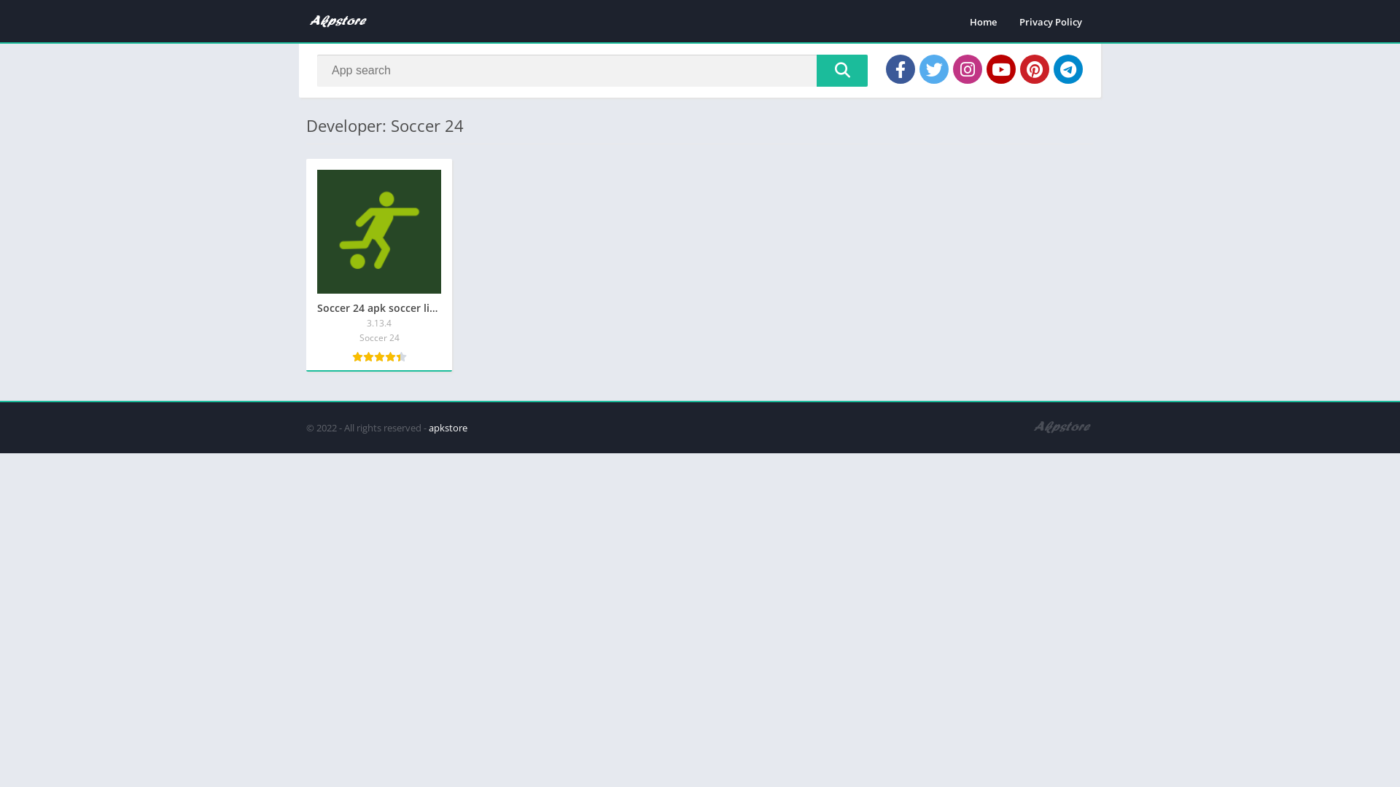 The image size is (1400, 787). What do you see at coordinates (1034, 69) in the screenshot?
I see `'Pinterest'` at bounding box center [1034, 69].